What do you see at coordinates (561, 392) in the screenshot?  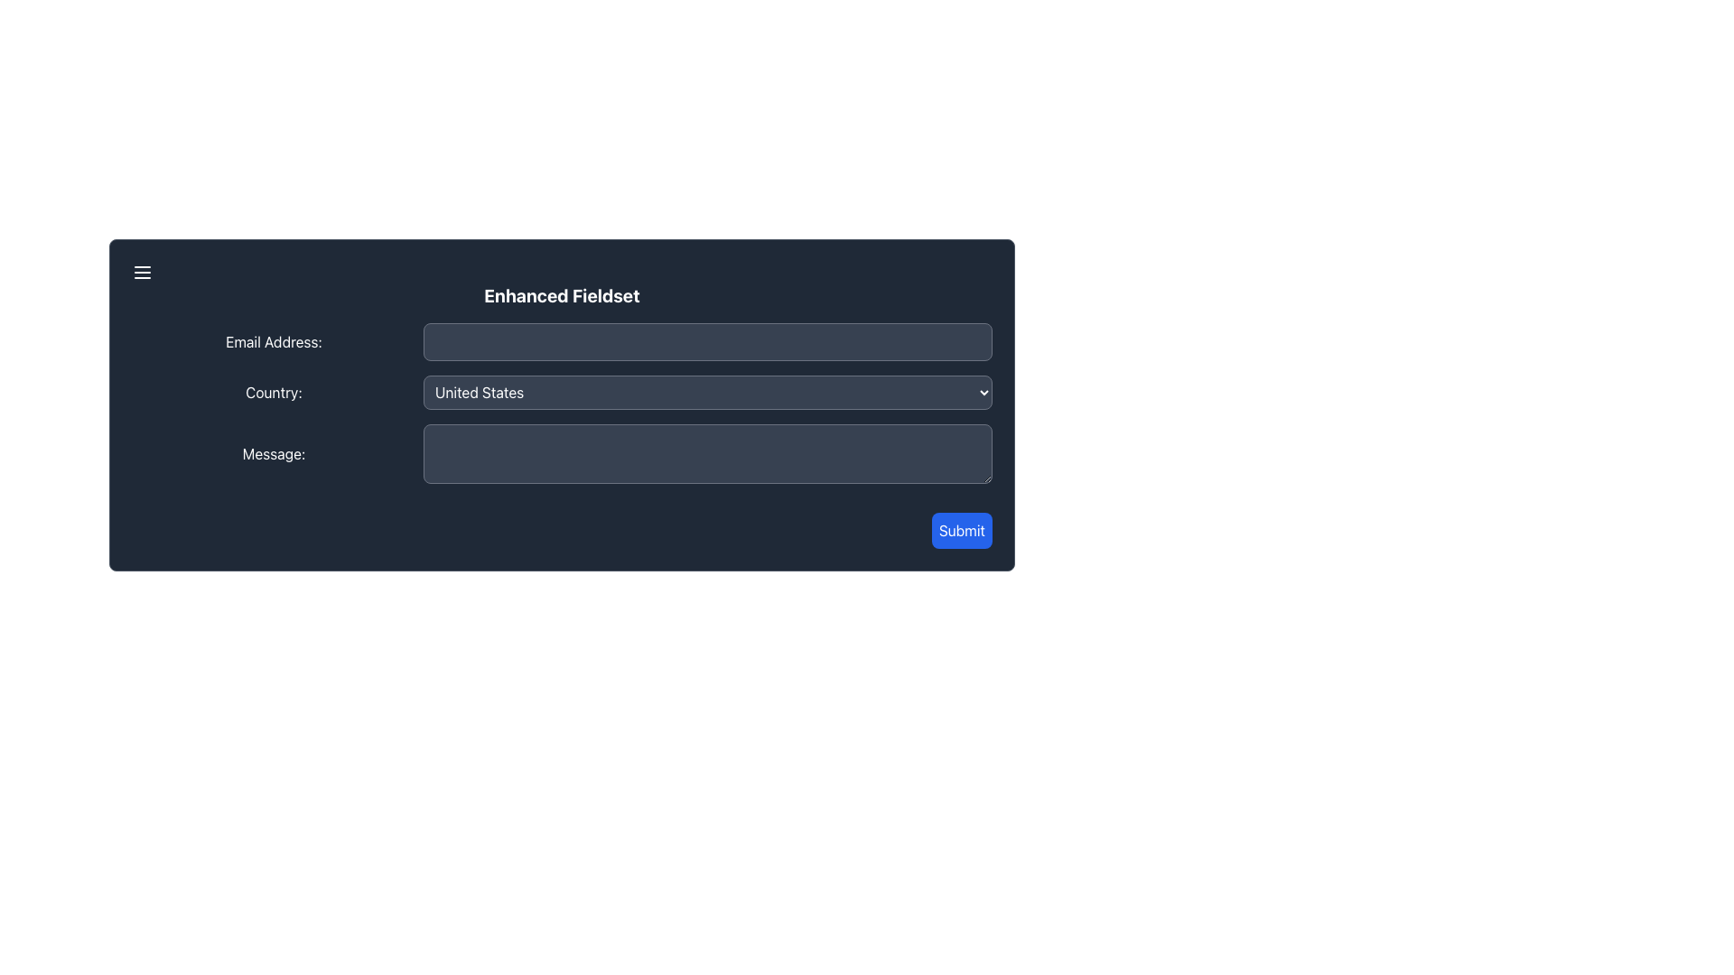 I see `the 'Country:' dropdown menu` at bounding box center [561, 392].